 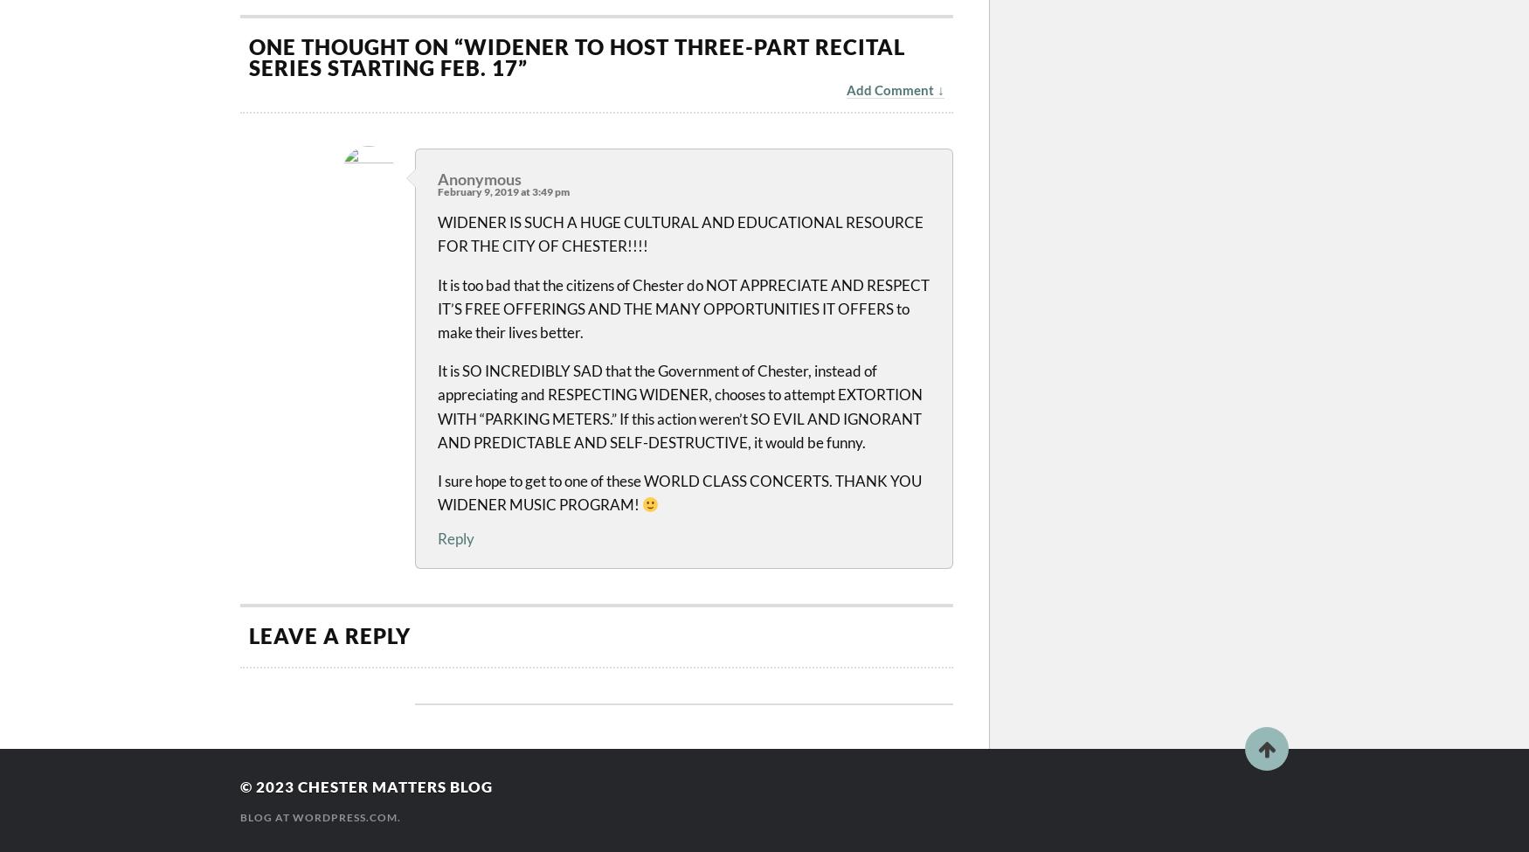 What do you see at coordinates (320, 816) in the screenshot?
I see `'Blog at WordPress.com.'` at bounding box center [320, 816].